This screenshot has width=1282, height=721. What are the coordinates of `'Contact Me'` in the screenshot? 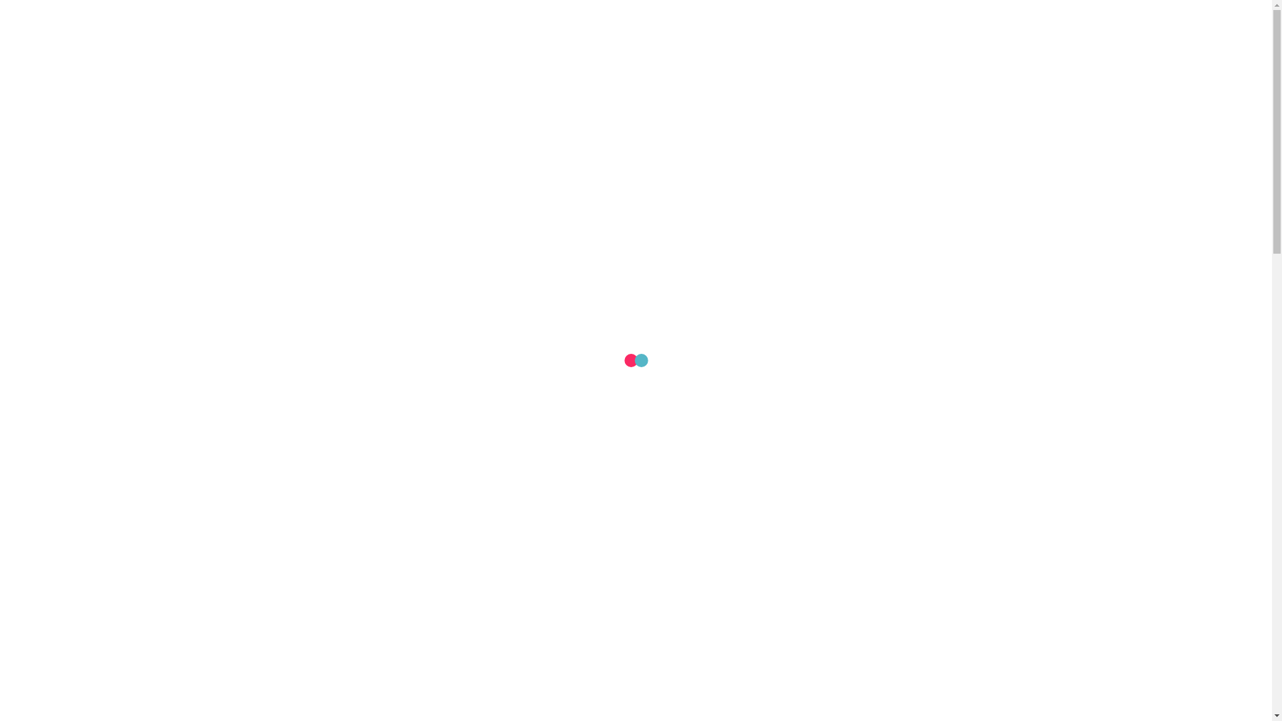 It's located at (980, 67).